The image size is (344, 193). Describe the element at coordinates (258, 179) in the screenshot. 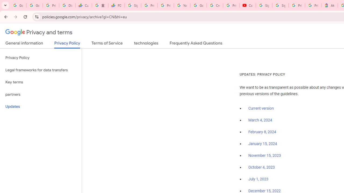

I see `'July 1, 2023'` at that location.